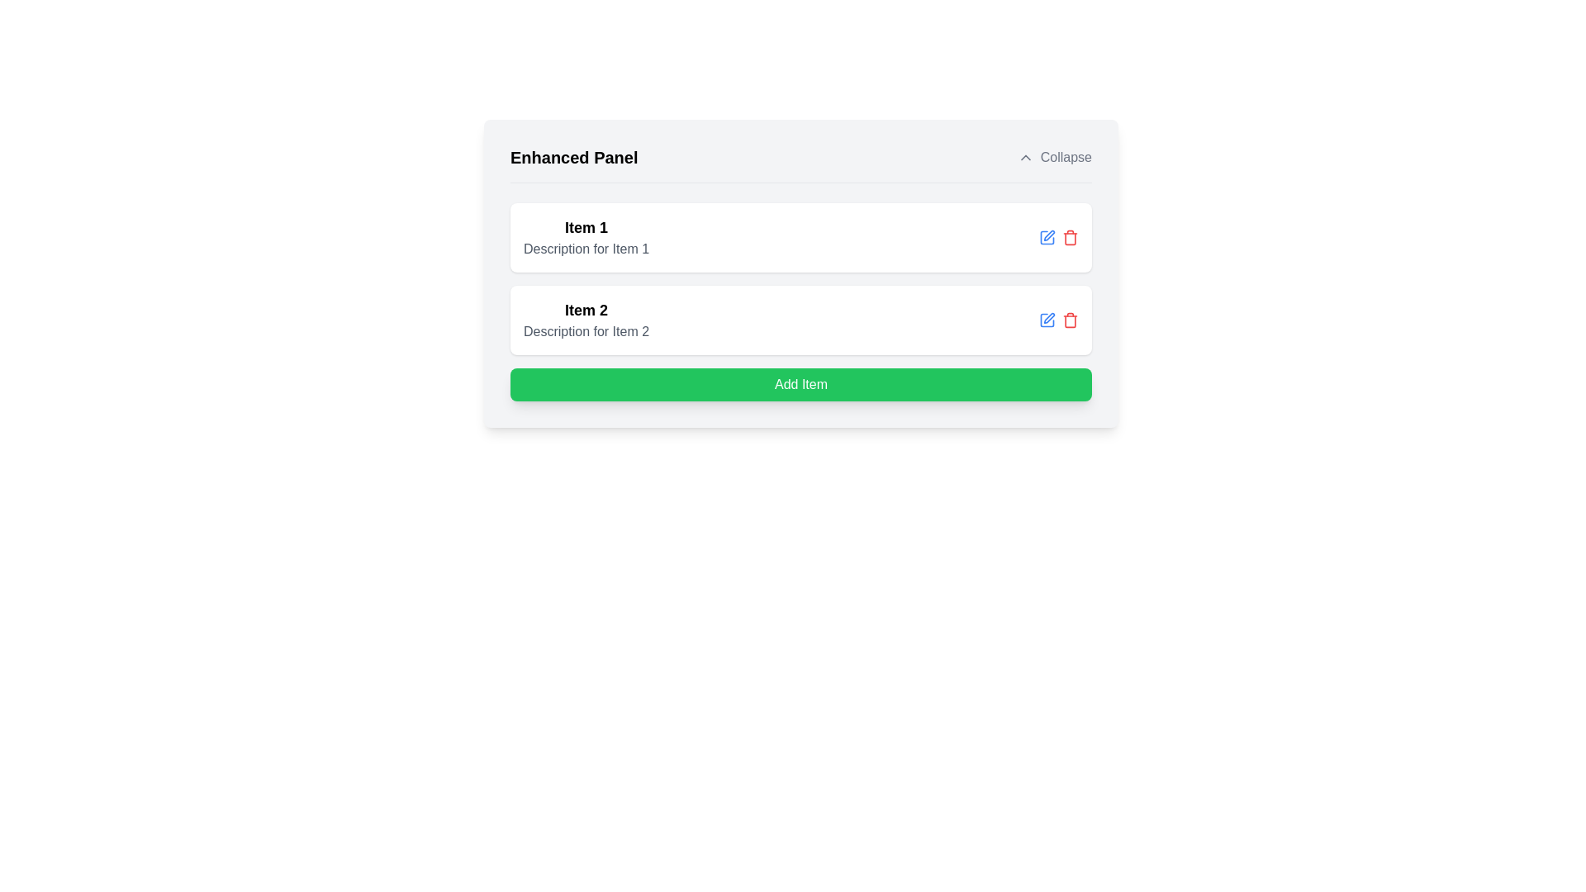 The width and height of the screenshot is (1586, 892). Describe the element at coordinates (1066, 158) in the screenshot. I see `the 'Collapse' label which is styled with gray text and located to the right of the upward-facing chevron icon in the header of the panel` at that location.